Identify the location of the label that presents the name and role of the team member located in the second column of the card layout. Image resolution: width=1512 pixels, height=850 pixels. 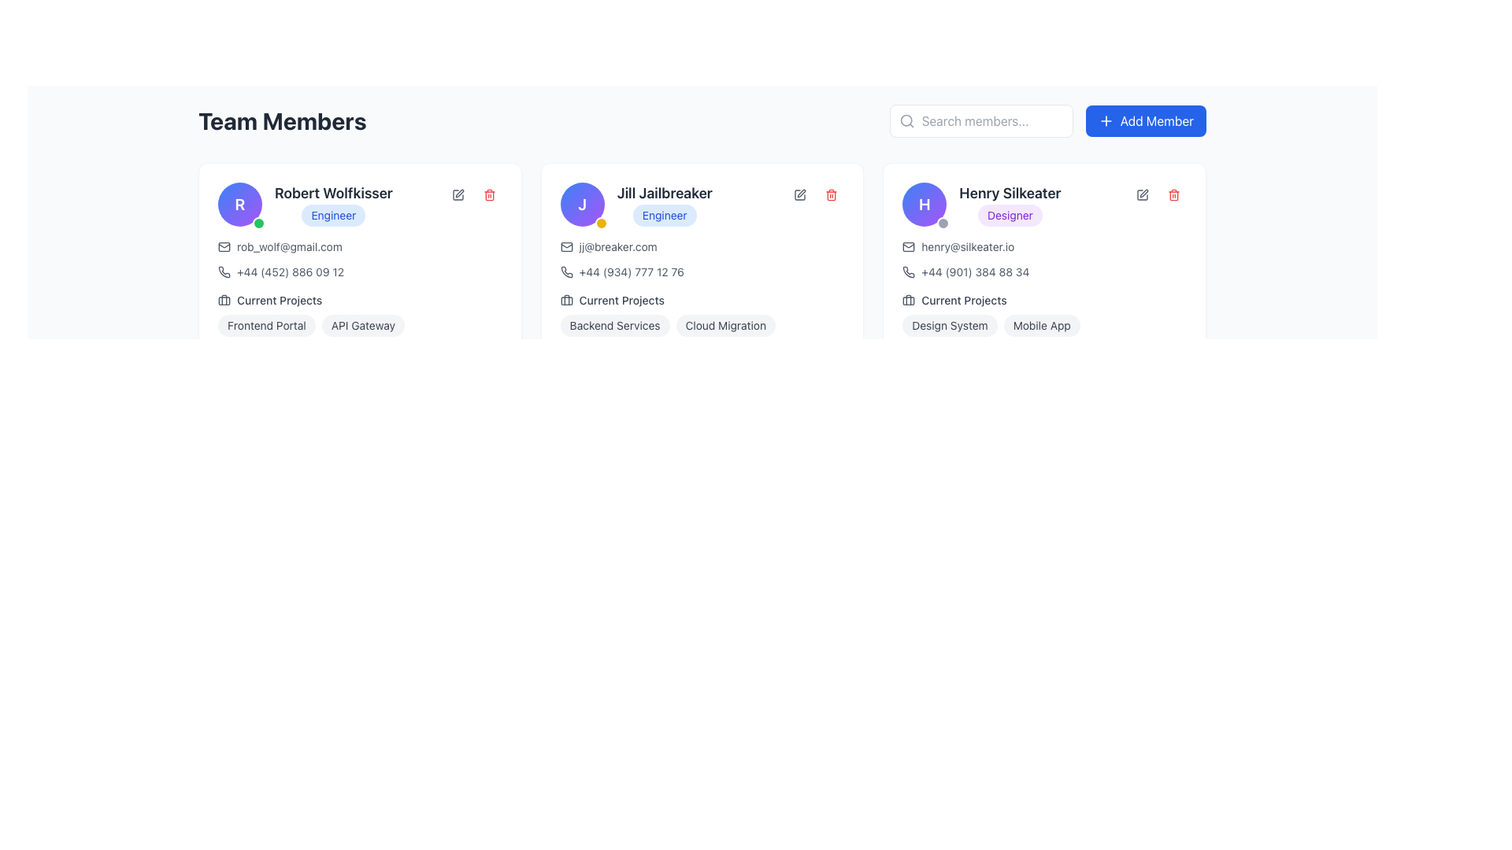
(702, 203).